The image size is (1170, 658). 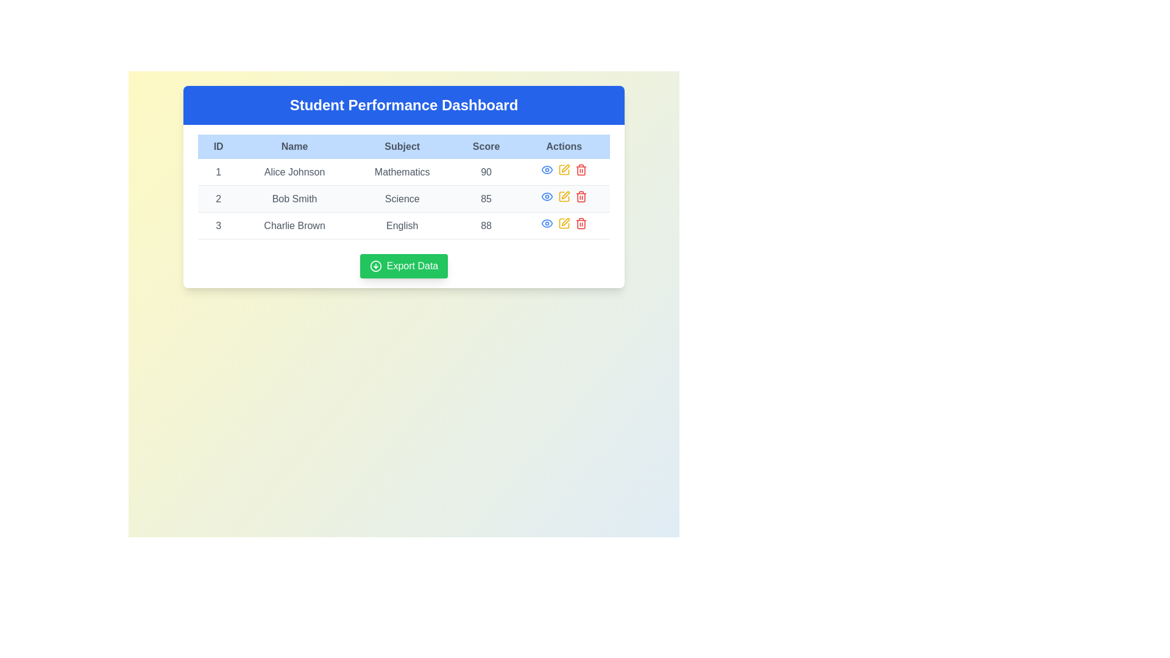 What do you see at coordinates (403, 206) in the screenshot?
I see `the second row of the student performance table, which displays details such as name, subject, and score` at bounding box center [403, 206].